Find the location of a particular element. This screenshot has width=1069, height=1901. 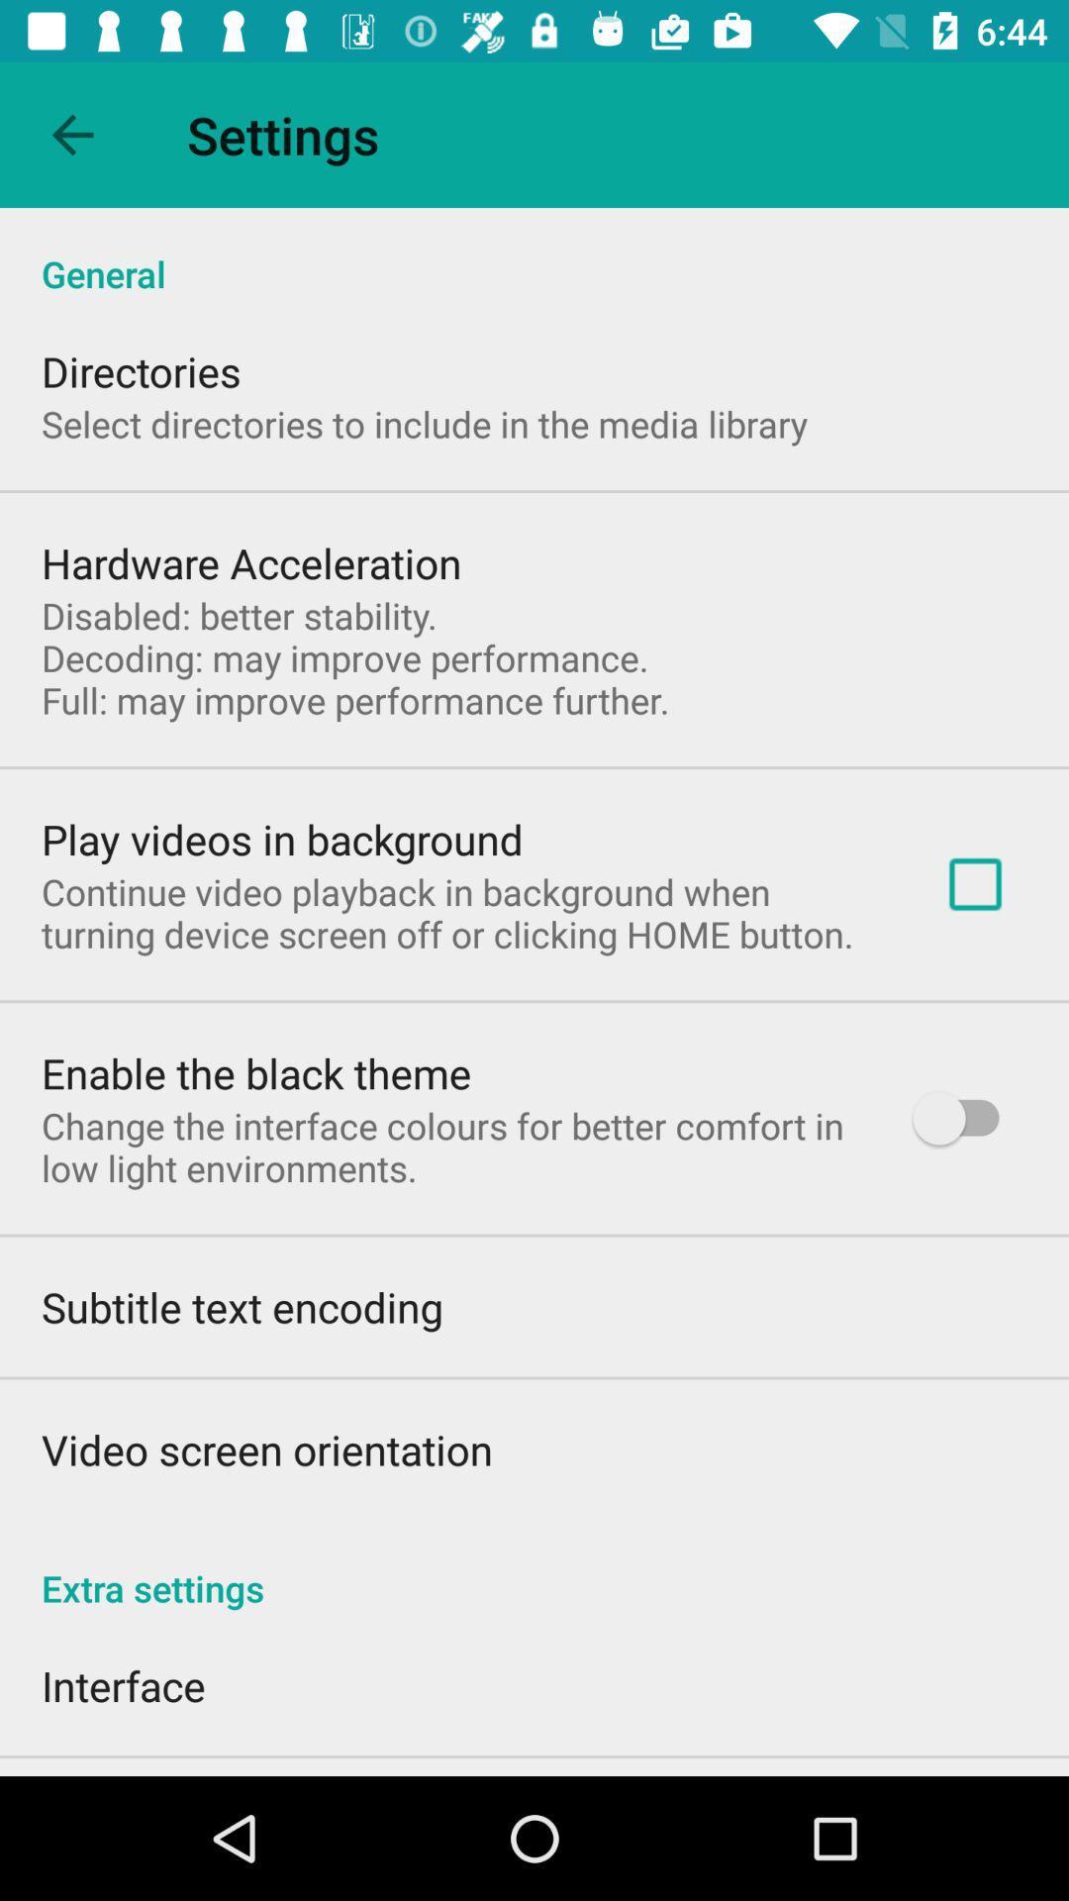

item above the change the interface is located at coordinates (255, 1071).